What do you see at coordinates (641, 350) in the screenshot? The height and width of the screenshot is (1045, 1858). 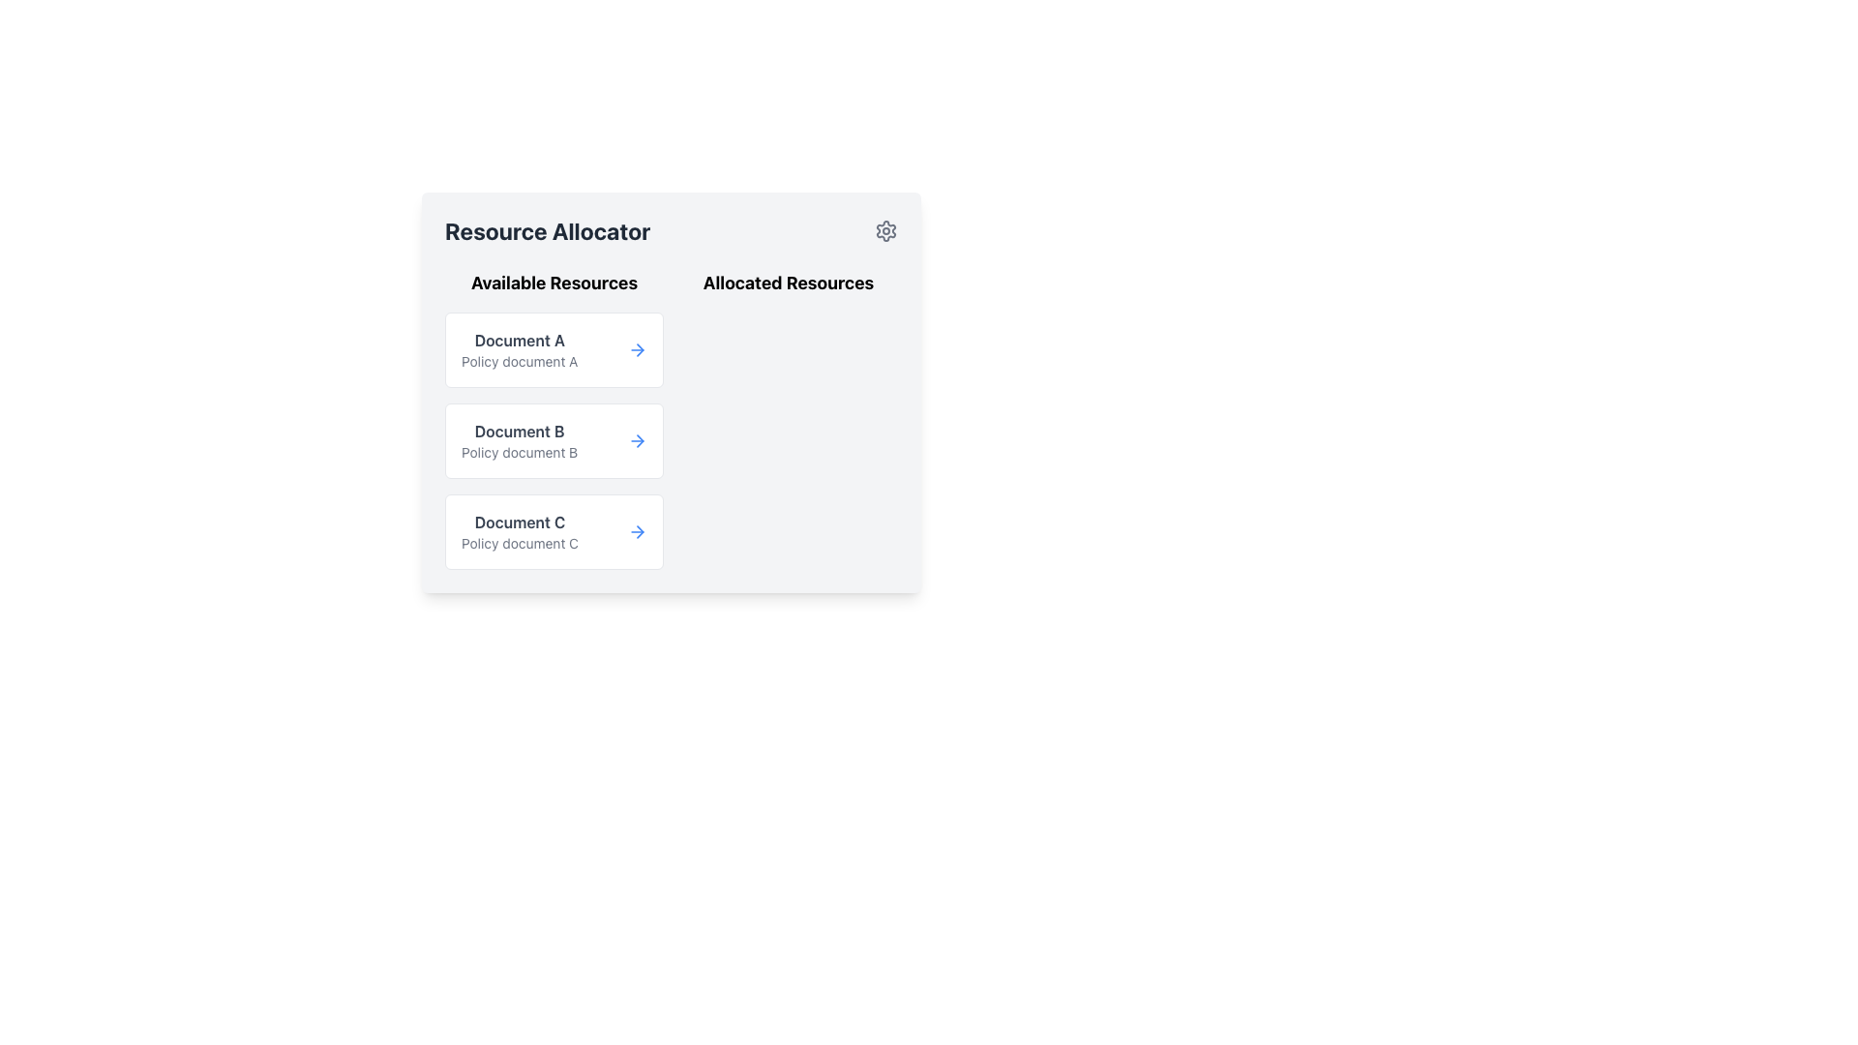 I see `the rightward-pointing arrow SVG icon located inside the first list item of 'Available Resources', aligned on the right side of 'Document A'. This is the first arrow icon in the sequence of available documents` at bounding box center [641, 350].